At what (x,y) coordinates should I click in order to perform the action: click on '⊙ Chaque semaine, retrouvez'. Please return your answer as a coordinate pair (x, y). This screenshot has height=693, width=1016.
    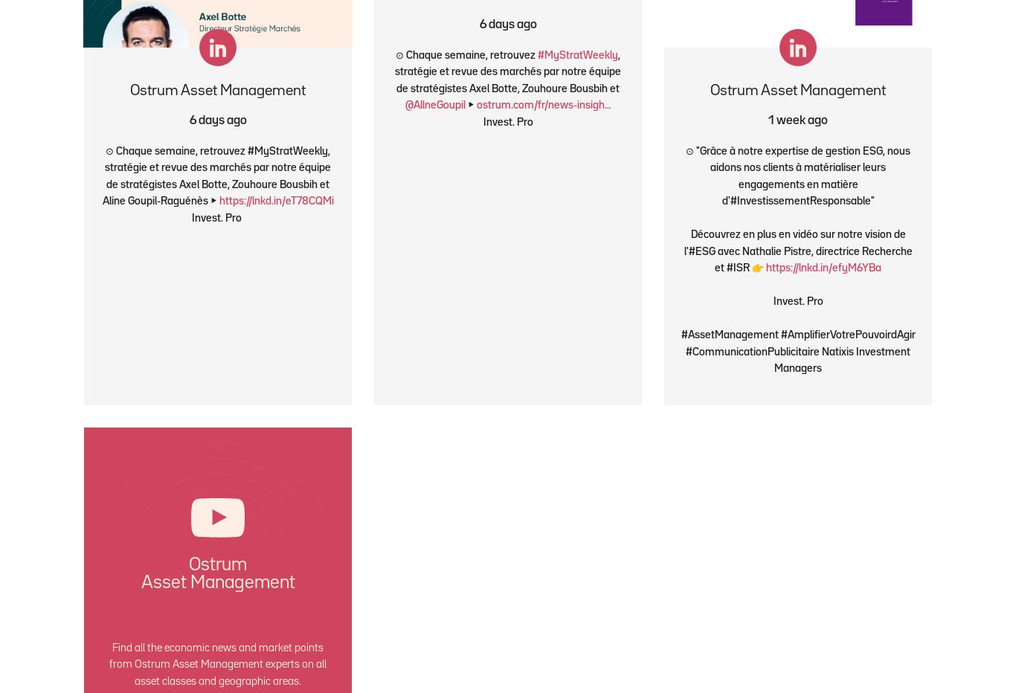
    Looking at the image, I should click on (466, 54).